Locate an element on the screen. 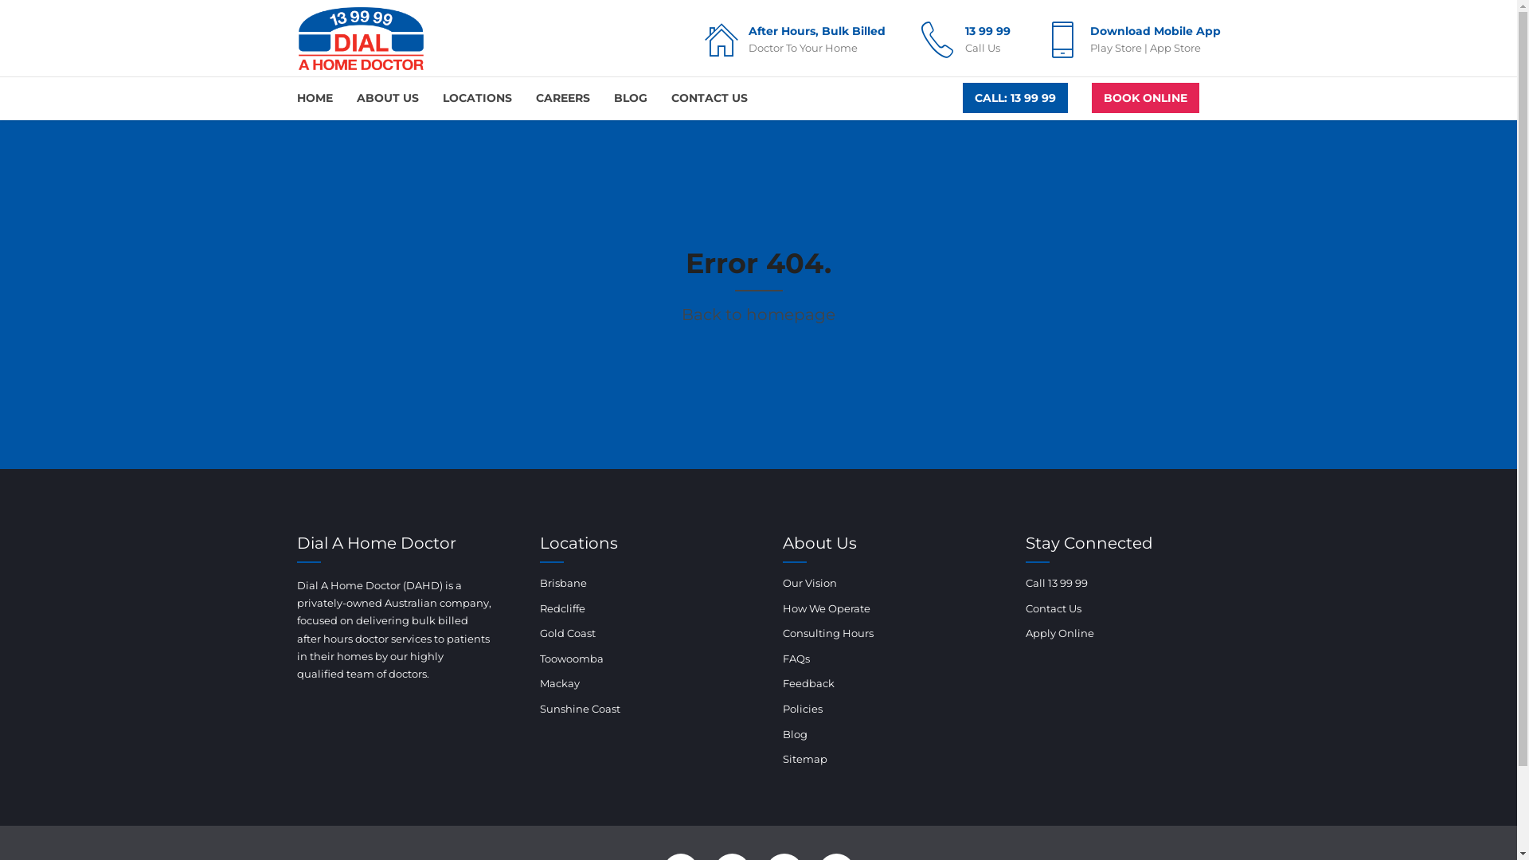  'Brisbane' is located at coordinates (563, 583).